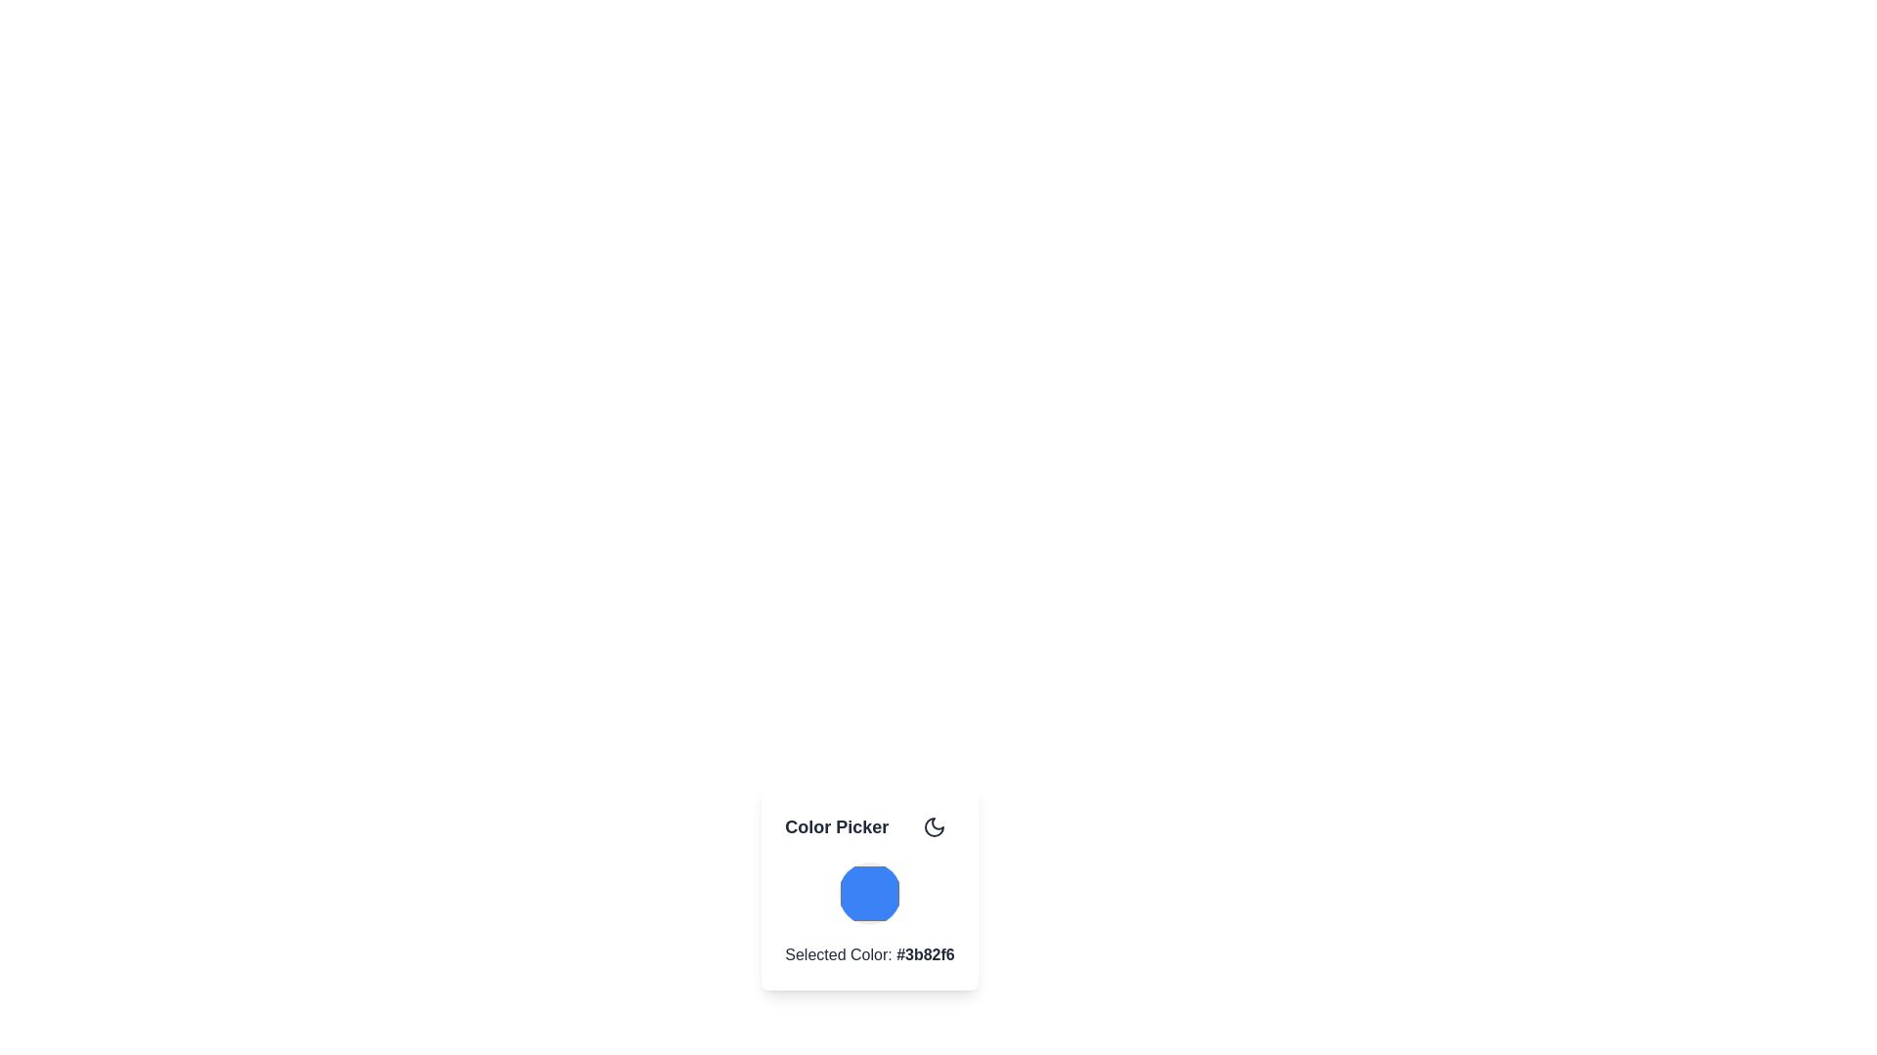  Describe the element at coordinates (934, 826) in the screenshot. I see `the toggle button for dark theme, located to the right of the 'Color Picker' text, by moving the cursor to its center point` at that location.